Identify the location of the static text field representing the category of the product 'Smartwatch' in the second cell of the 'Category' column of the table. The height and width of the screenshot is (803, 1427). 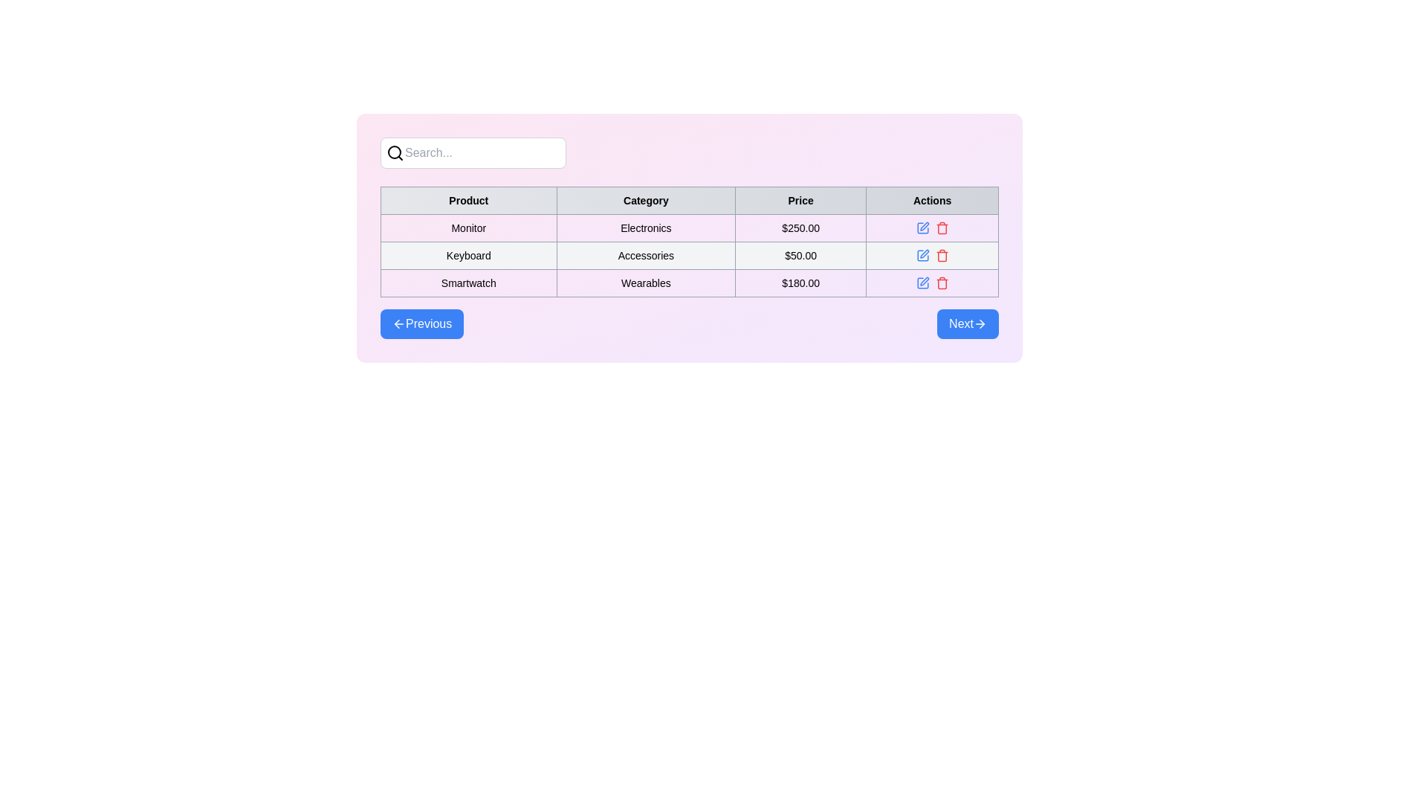
(646, 283).